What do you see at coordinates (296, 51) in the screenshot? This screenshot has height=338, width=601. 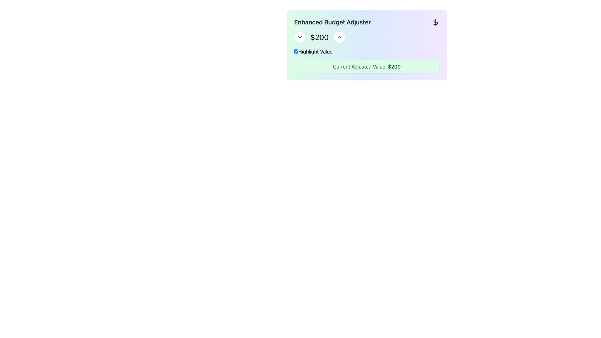 I see `the small square checkbox with a white background and thin border located in the 'Enhanced Budget Adjuster' section` at bounding box center [296, 51].